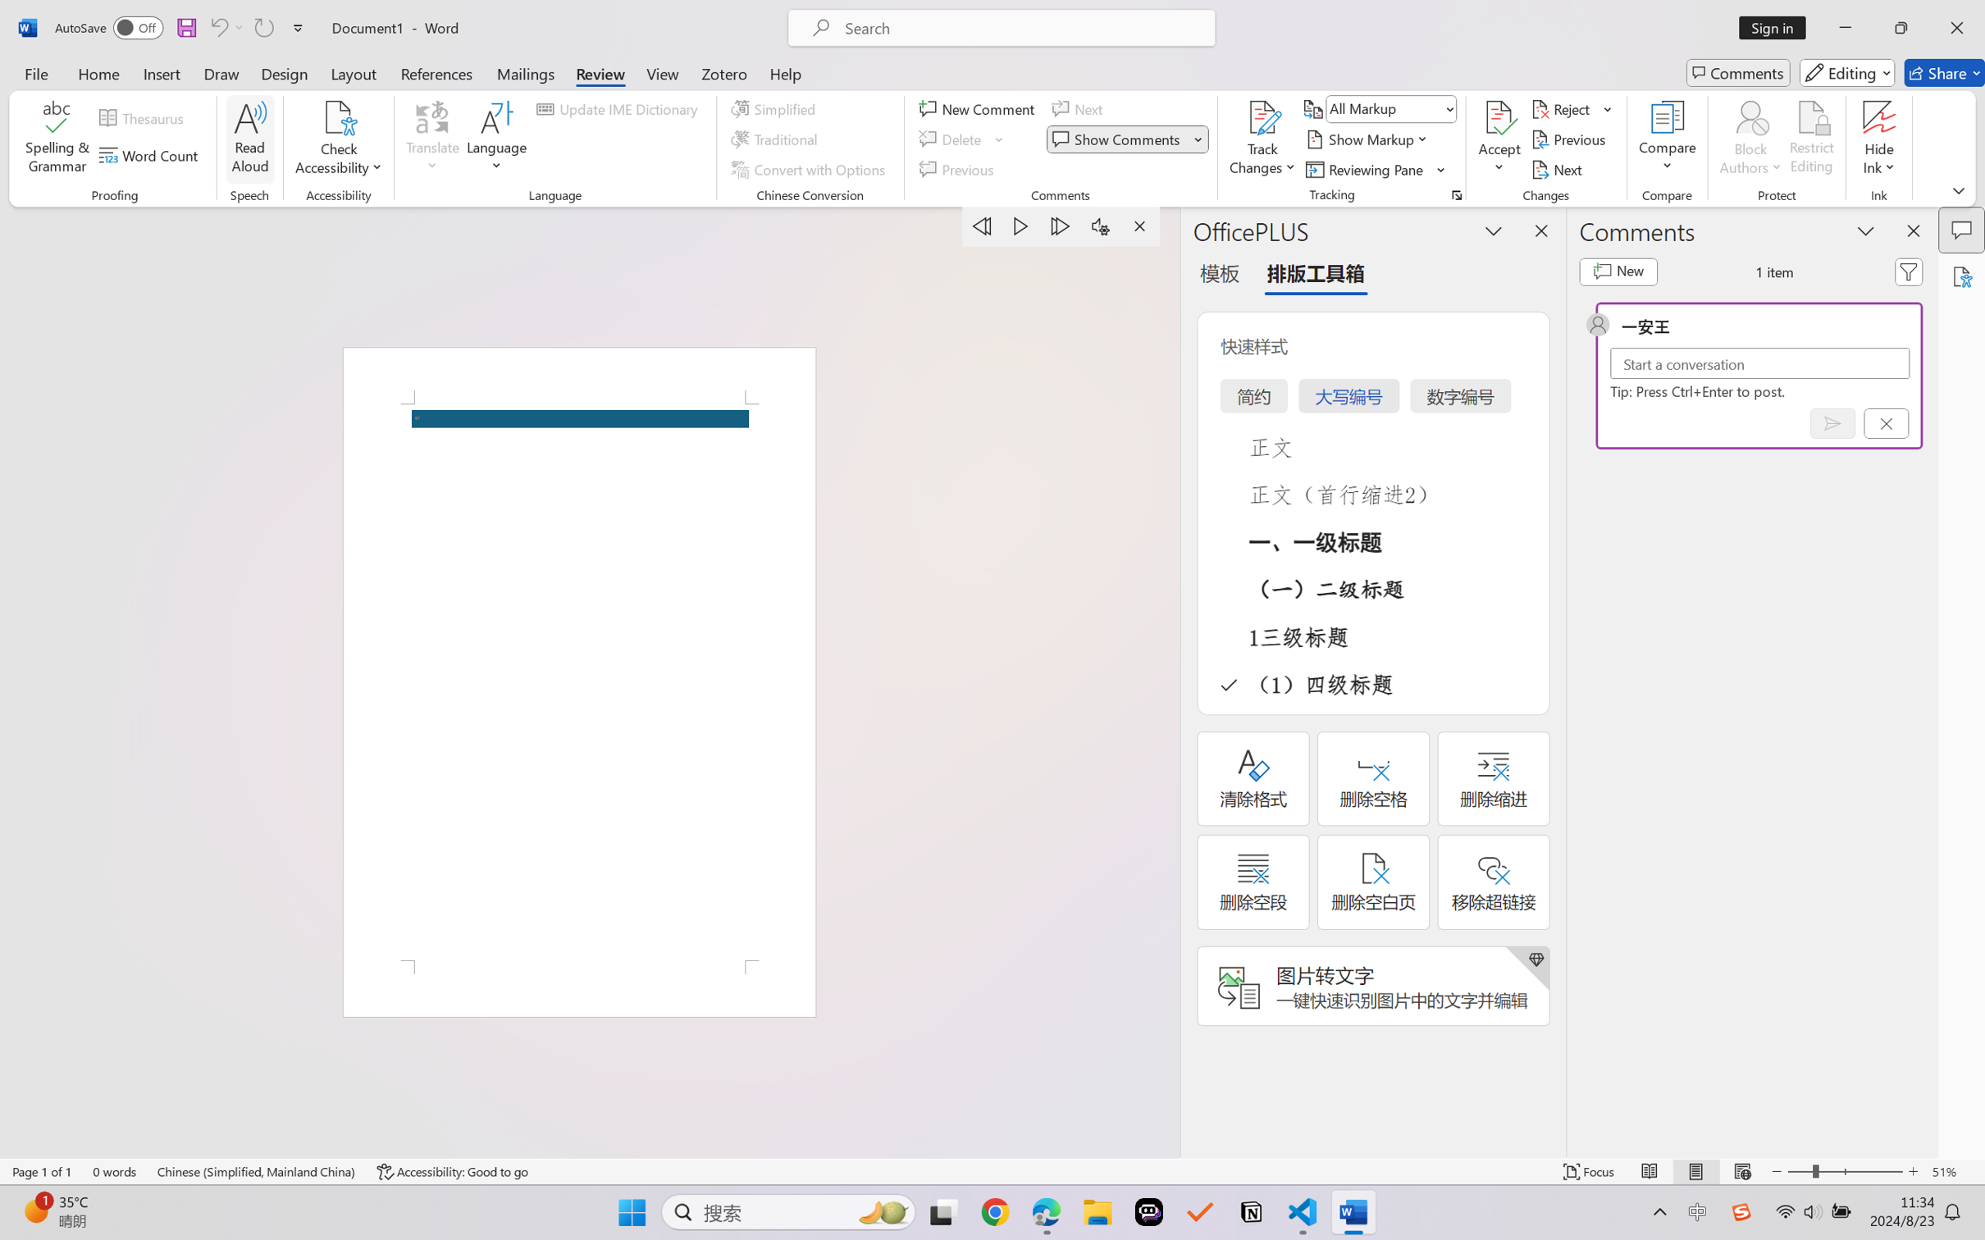 The height and width of the screenshot is (1240, 1985). What do you see at coordinates (1499, 139) in the screenshot?
I see `'Accept'` at bounding box center [1499, 139].